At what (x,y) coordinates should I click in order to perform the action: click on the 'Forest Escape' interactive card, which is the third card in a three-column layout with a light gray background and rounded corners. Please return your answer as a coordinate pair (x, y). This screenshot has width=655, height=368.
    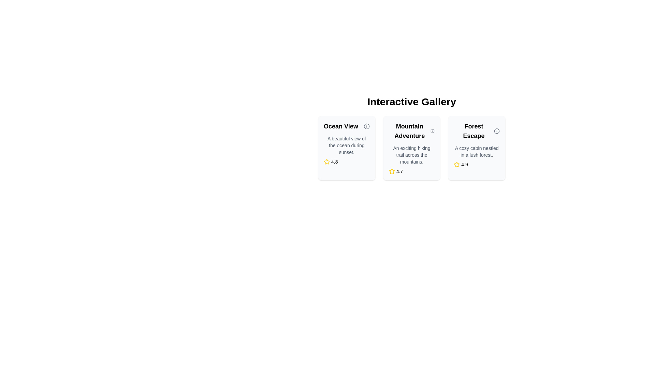
    Looking at the image, I should click on (476, 148).